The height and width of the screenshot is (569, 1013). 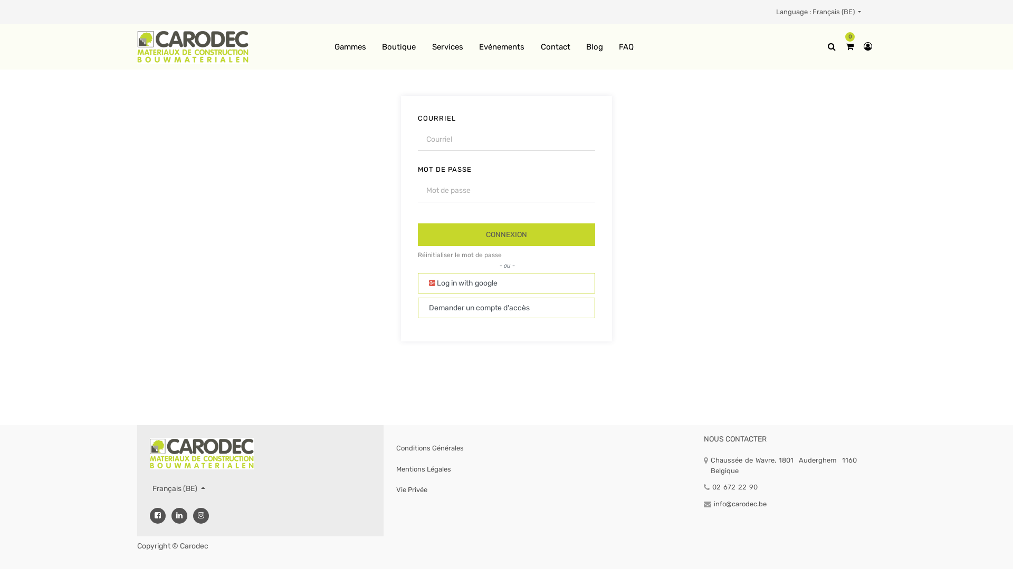 What do you see at coordinates (376, 46) in the screenshot?
I see `'Boutique'` at bounding box center [376, 46].